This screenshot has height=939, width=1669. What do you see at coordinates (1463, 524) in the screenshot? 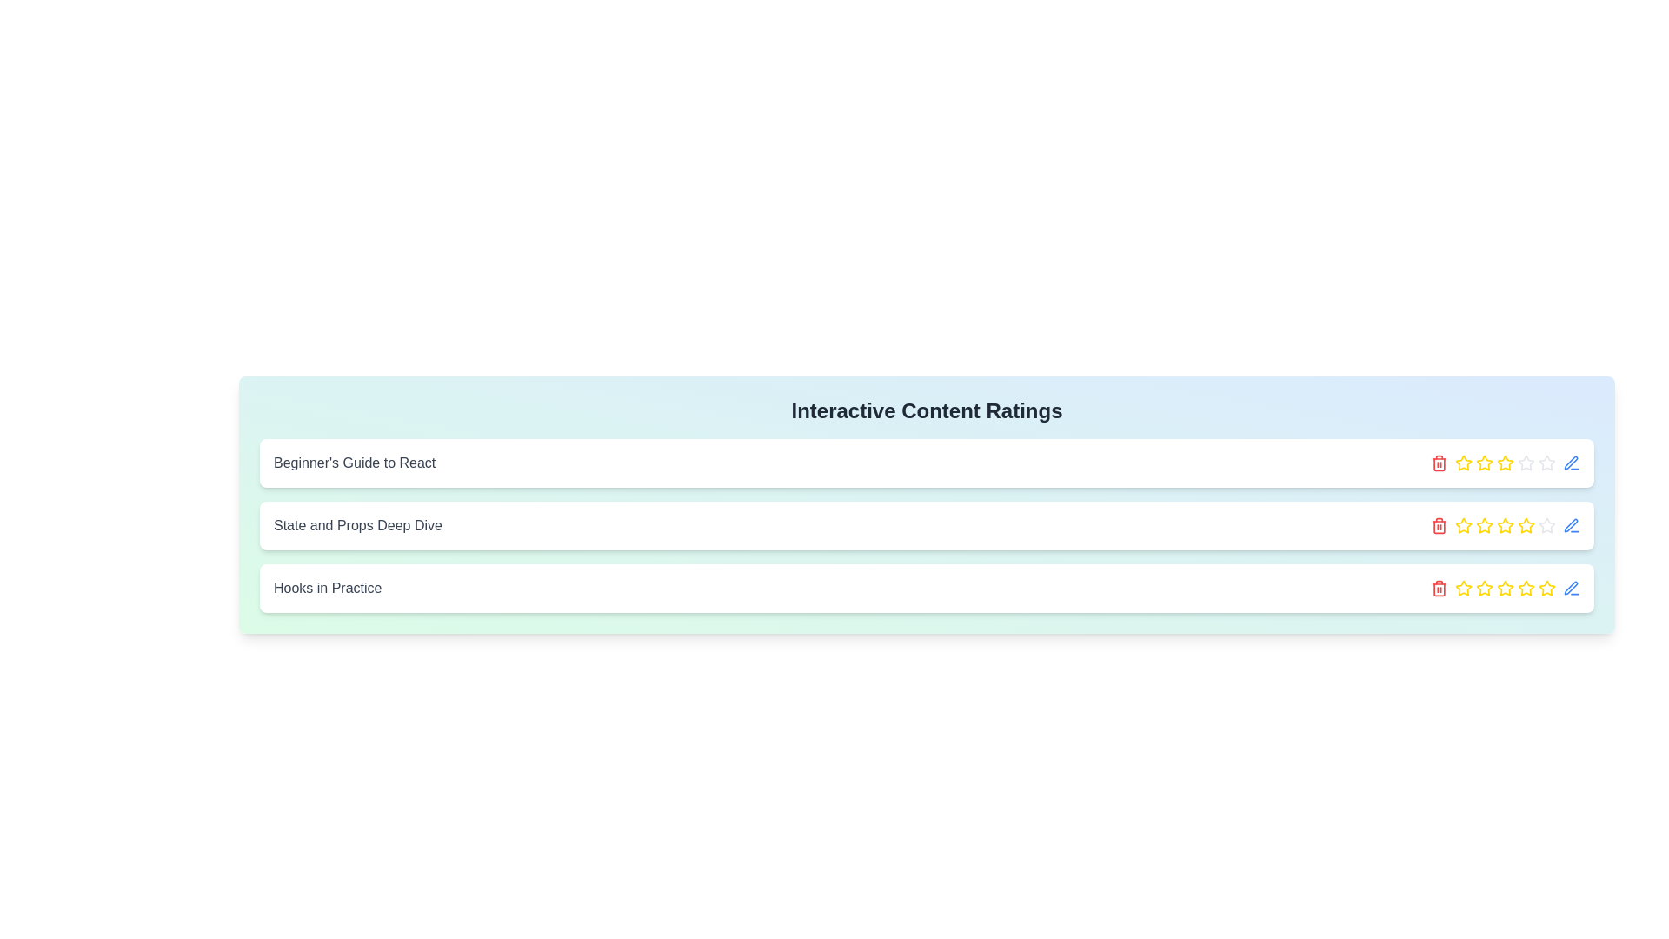
I see `the third rating star icon` at bounding box center [1463, 524].